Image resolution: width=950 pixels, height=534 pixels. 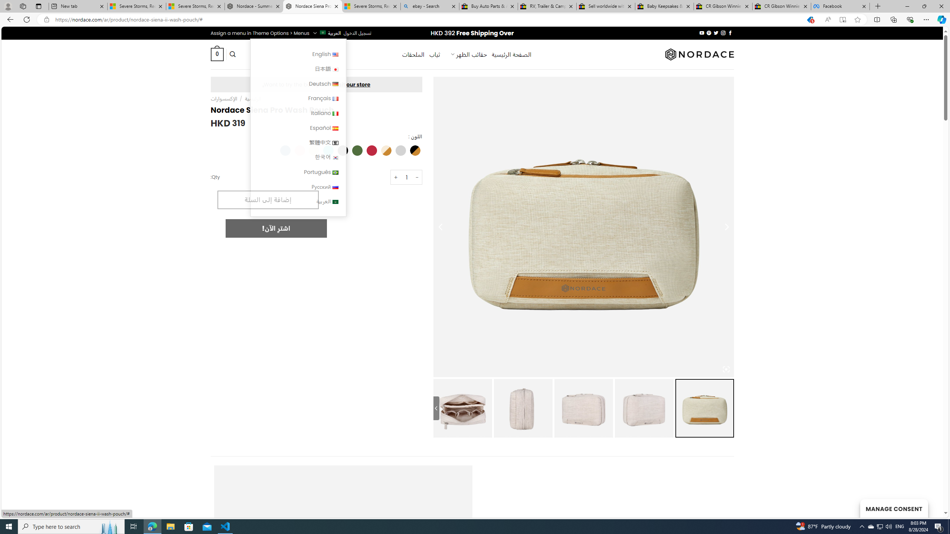 What do you see at coordinates (335, 54) in the screenshot?
I see `'English'` at bounding box center [335, 54].